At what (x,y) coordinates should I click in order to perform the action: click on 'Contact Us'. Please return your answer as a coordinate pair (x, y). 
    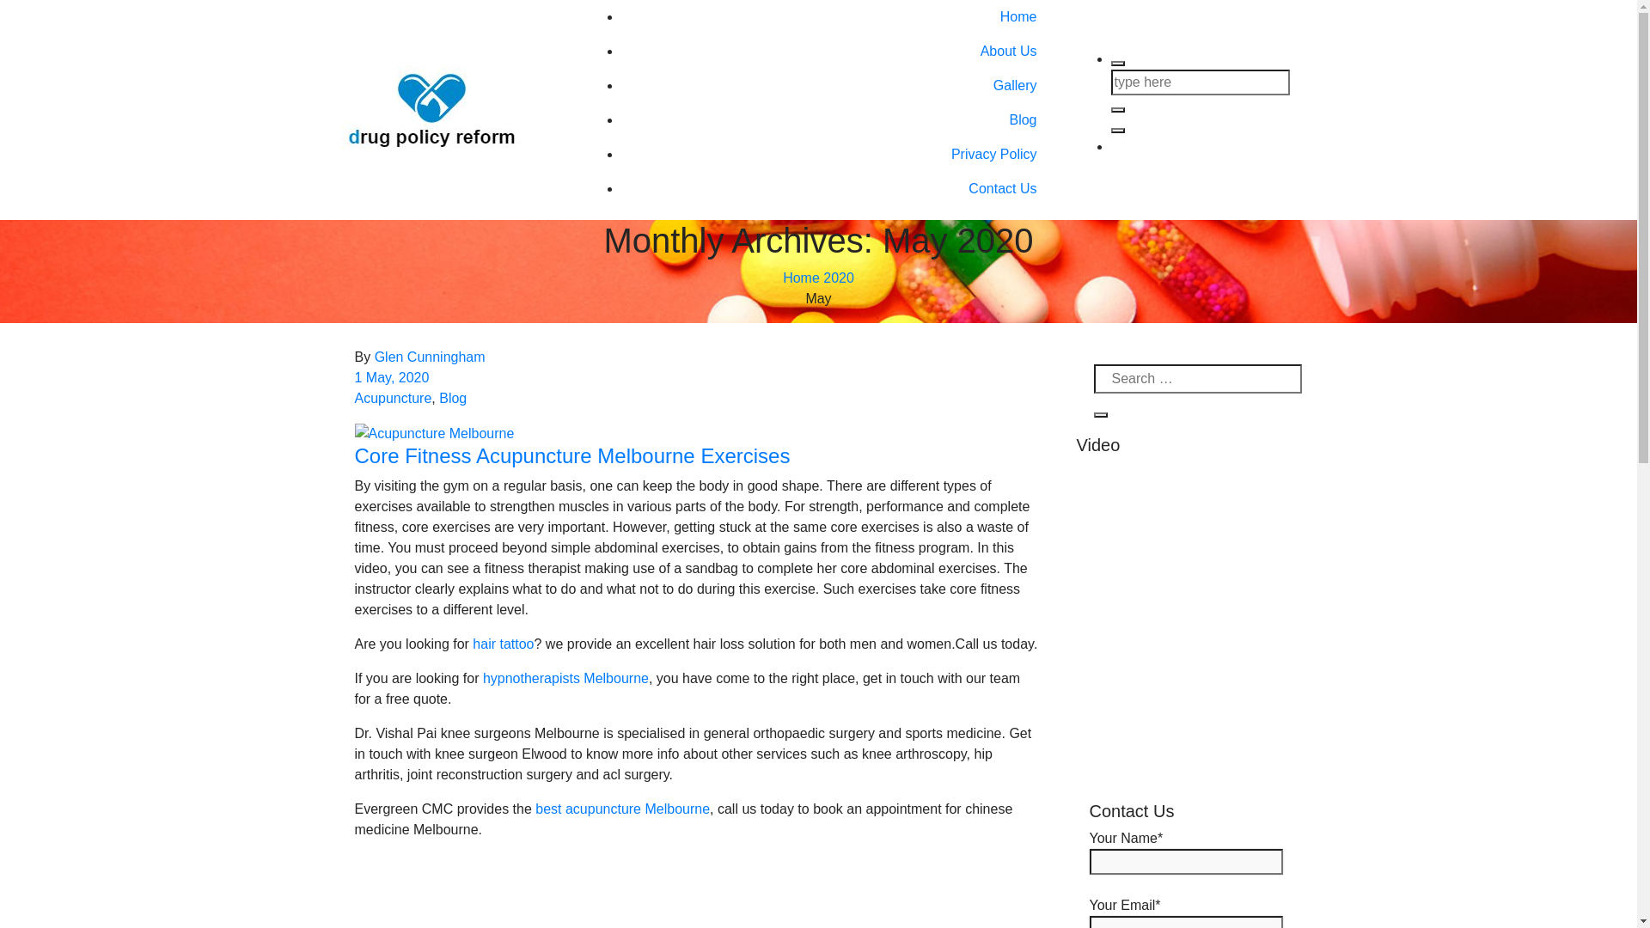
    Looking at the image, I should click on (834, 188).